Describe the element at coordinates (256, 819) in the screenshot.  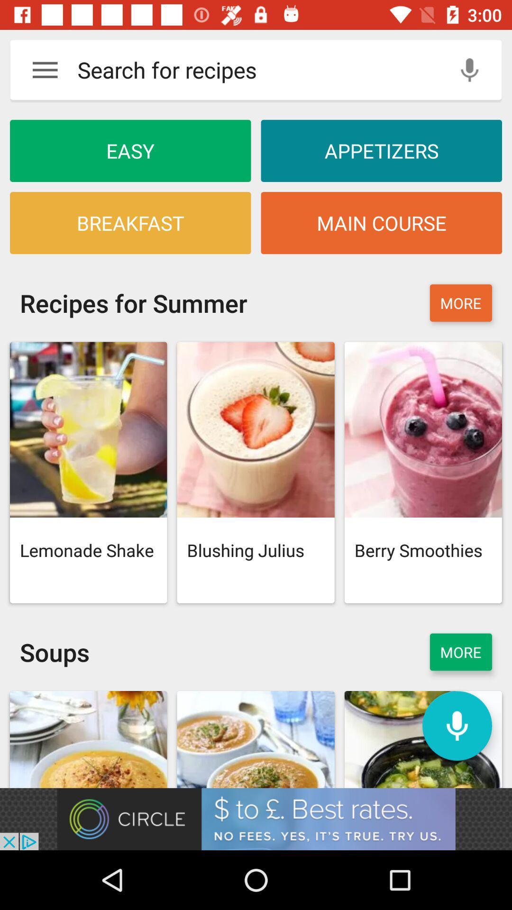
I see `circle to .best rates no fees yes it 's true try us` at that location.